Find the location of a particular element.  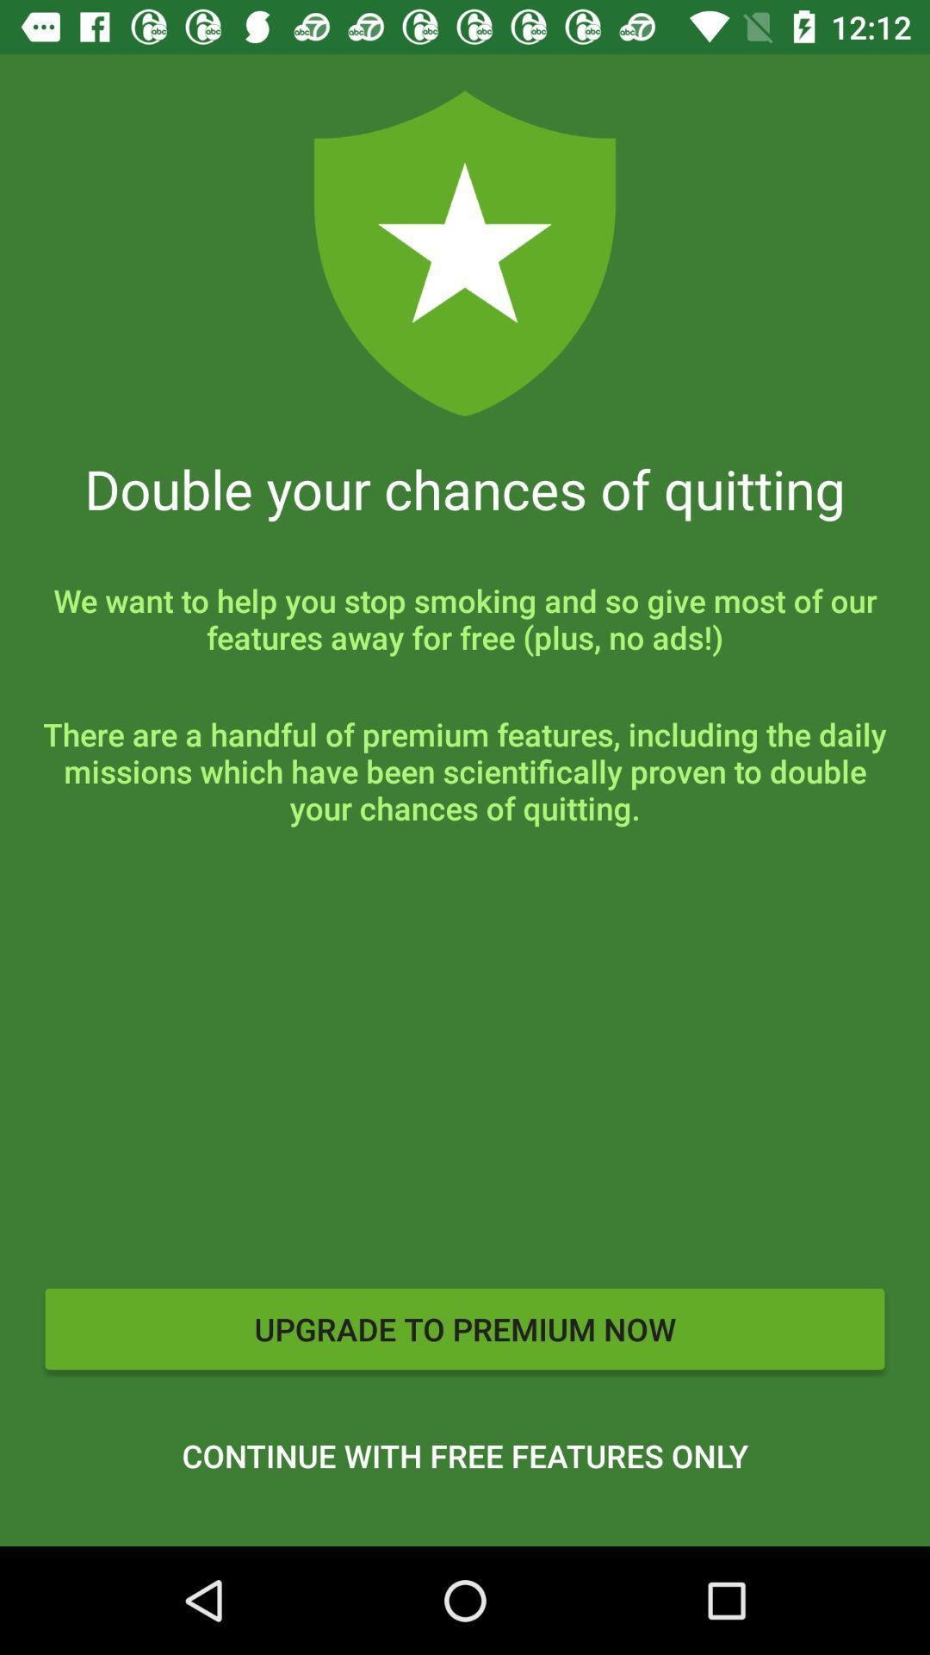

the icon below upgrade to premium icon is located at coordinates (465, 1455).